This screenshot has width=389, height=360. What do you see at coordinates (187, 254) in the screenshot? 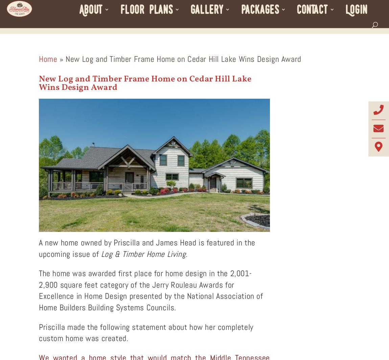
I see `'.'` at bounding box center [187, 254].